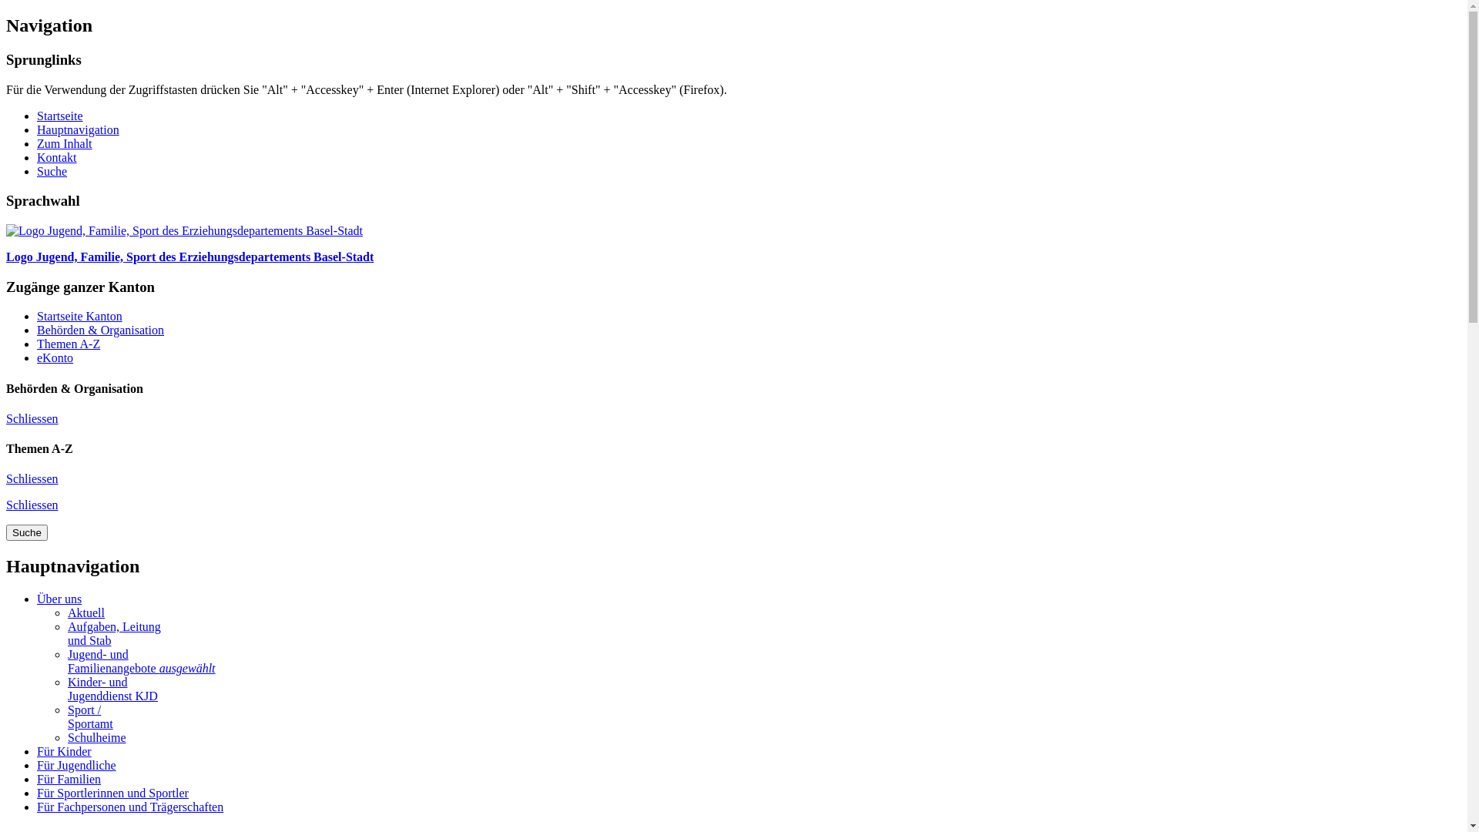  What do you see at coordinates (32, 505) in the screenshot?
I see `'Schliessen'` at bounding box center [32, 505].